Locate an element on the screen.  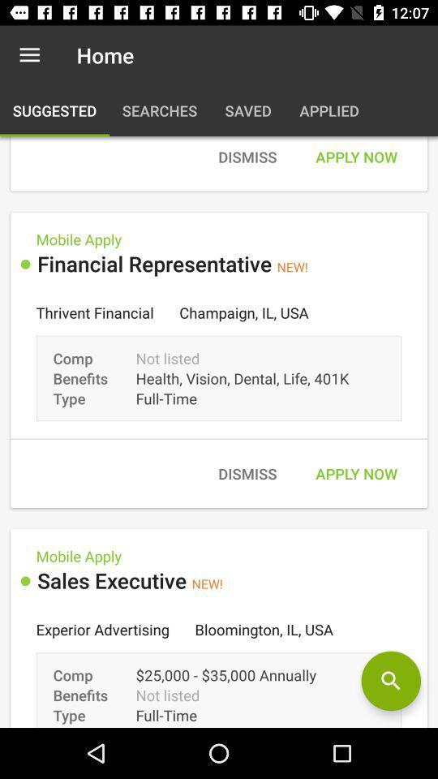
the icon to the right of the comp icon is located at coordinates (390, 681).